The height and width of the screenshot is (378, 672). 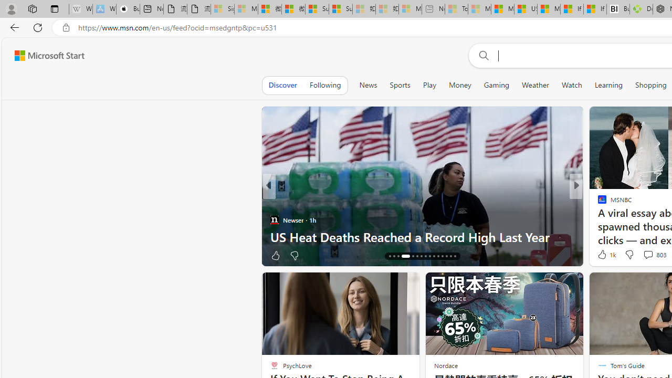 I want to click on 'WOWK Charleston', so click(x=597, y=219).